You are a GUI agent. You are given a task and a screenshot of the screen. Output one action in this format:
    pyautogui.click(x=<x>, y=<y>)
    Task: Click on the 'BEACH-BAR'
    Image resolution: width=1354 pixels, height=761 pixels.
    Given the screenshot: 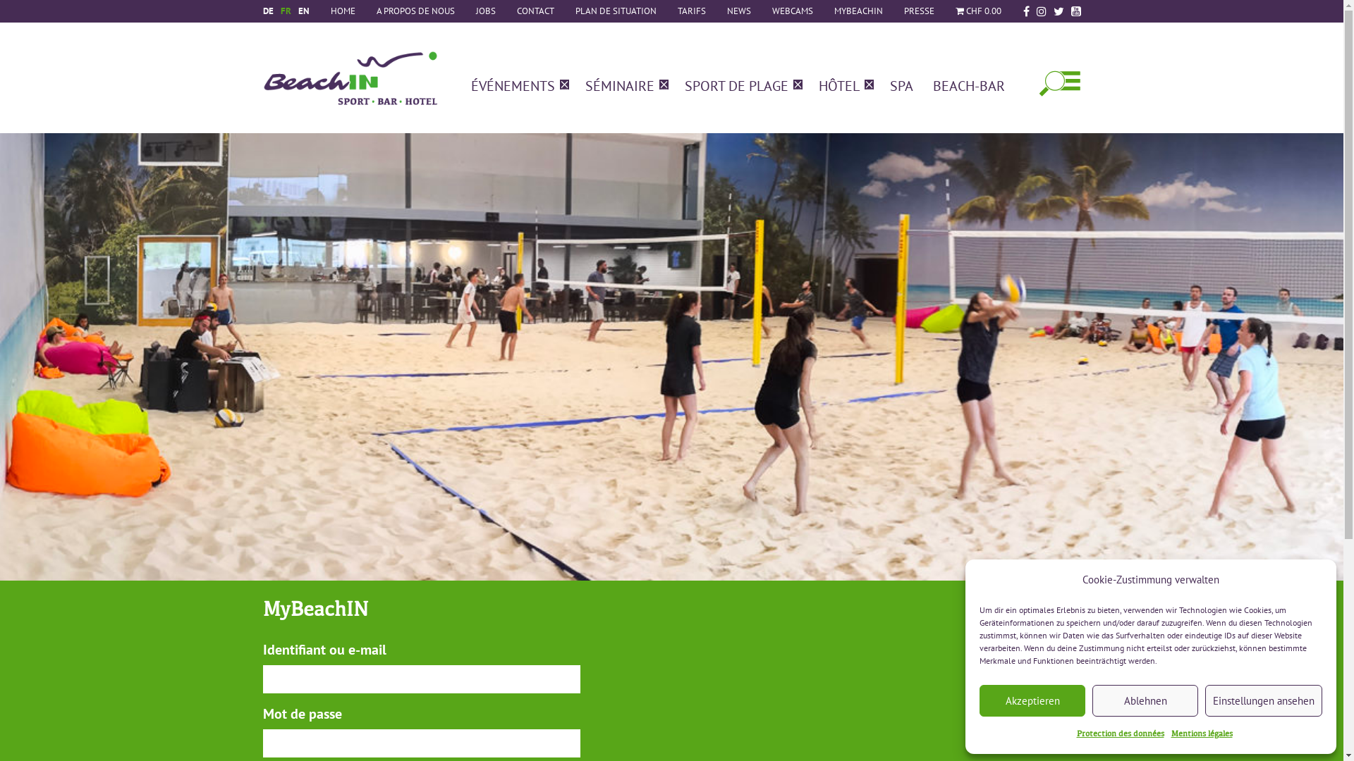 What is the action you would take?
    pyautogui.click(x=968, y=86)
    